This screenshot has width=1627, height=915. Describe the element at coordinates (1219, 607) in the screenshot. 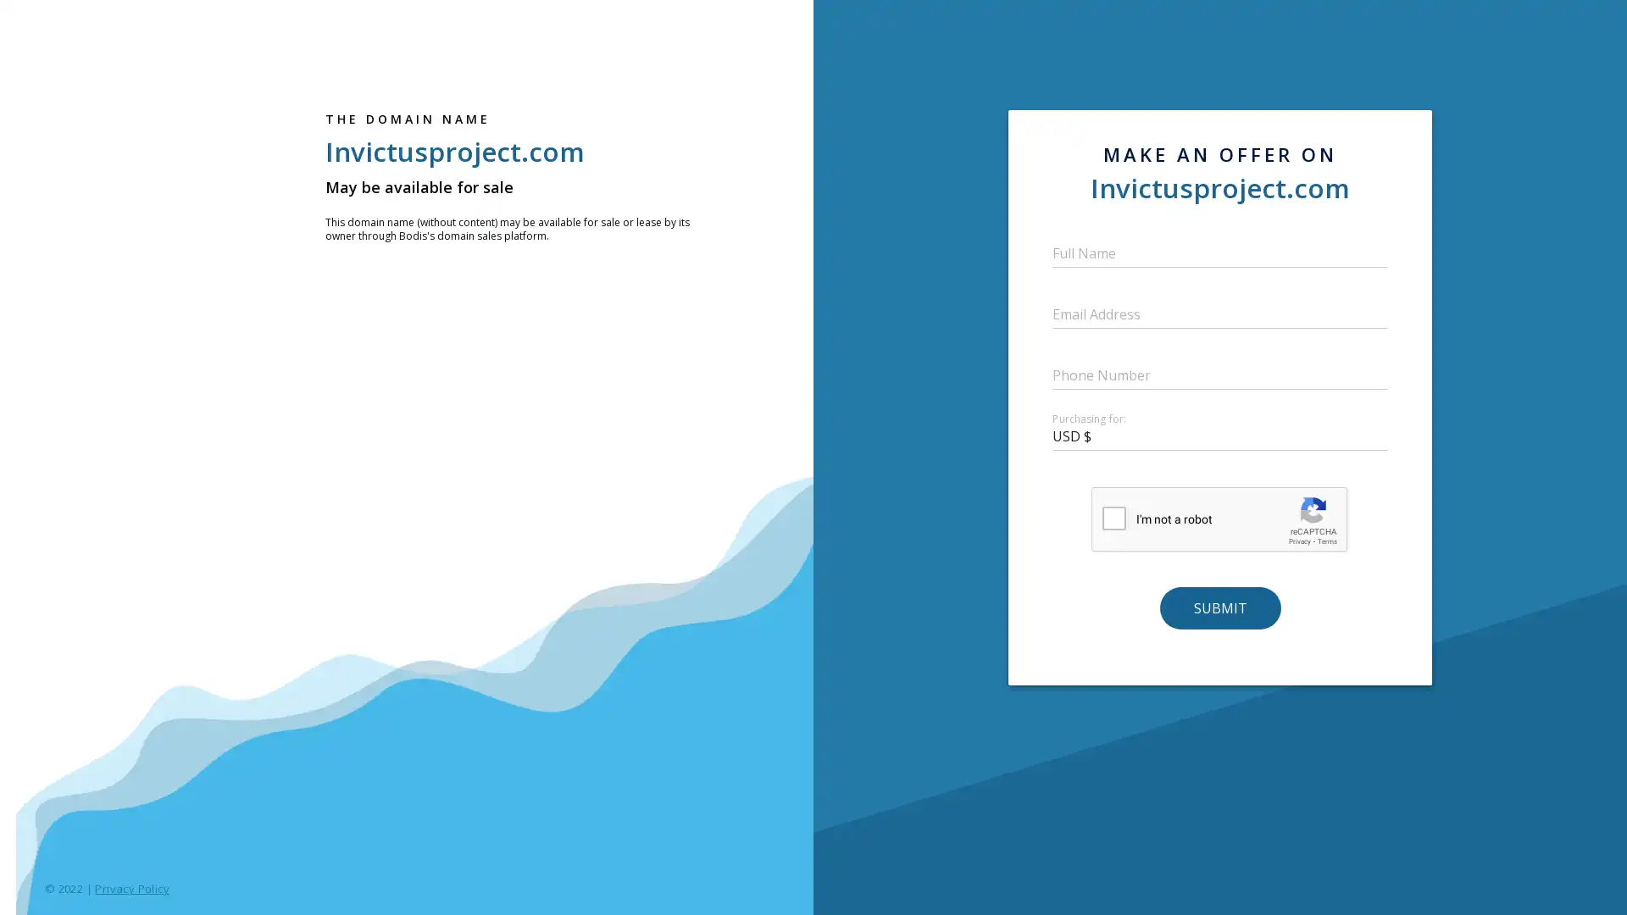

I see `SUBMIT` at that location.